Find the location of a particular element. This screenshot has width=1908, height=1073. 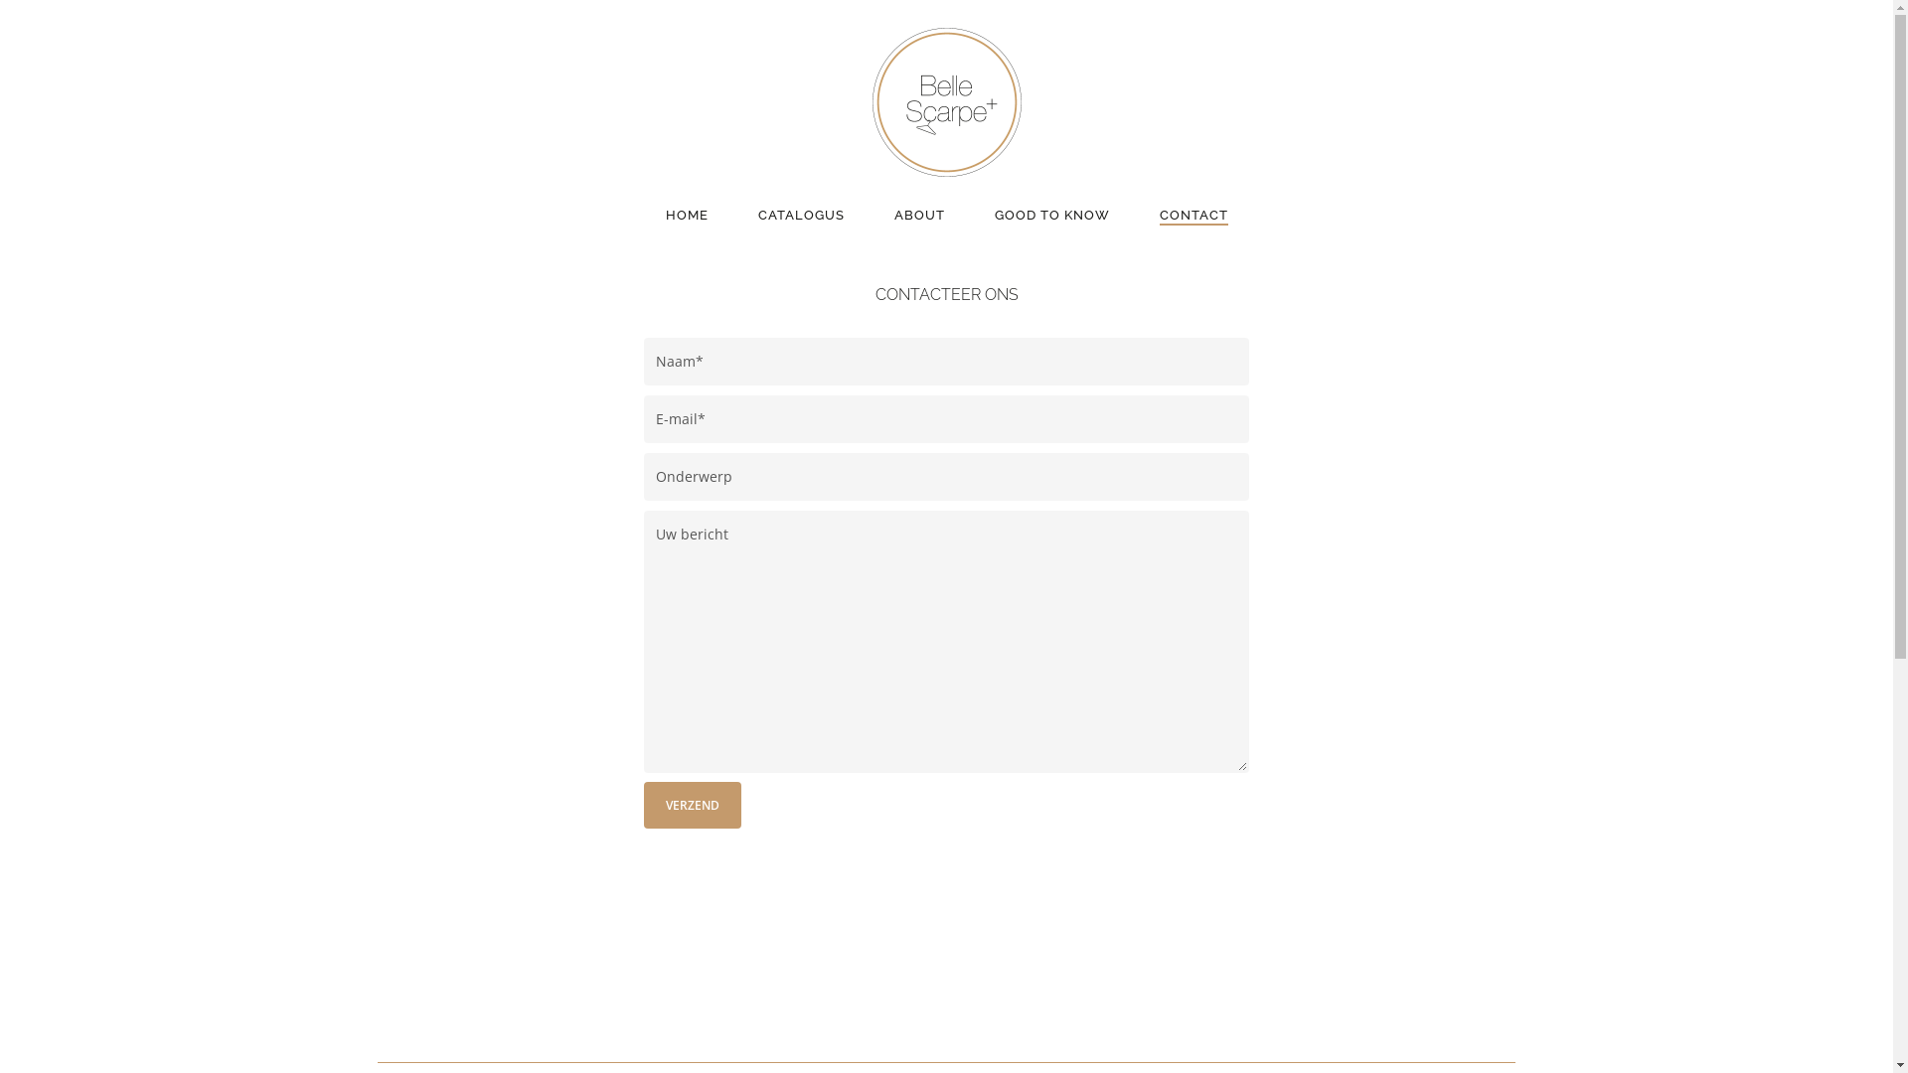

'CATALOGUS' is located at coordinates (800, 215).